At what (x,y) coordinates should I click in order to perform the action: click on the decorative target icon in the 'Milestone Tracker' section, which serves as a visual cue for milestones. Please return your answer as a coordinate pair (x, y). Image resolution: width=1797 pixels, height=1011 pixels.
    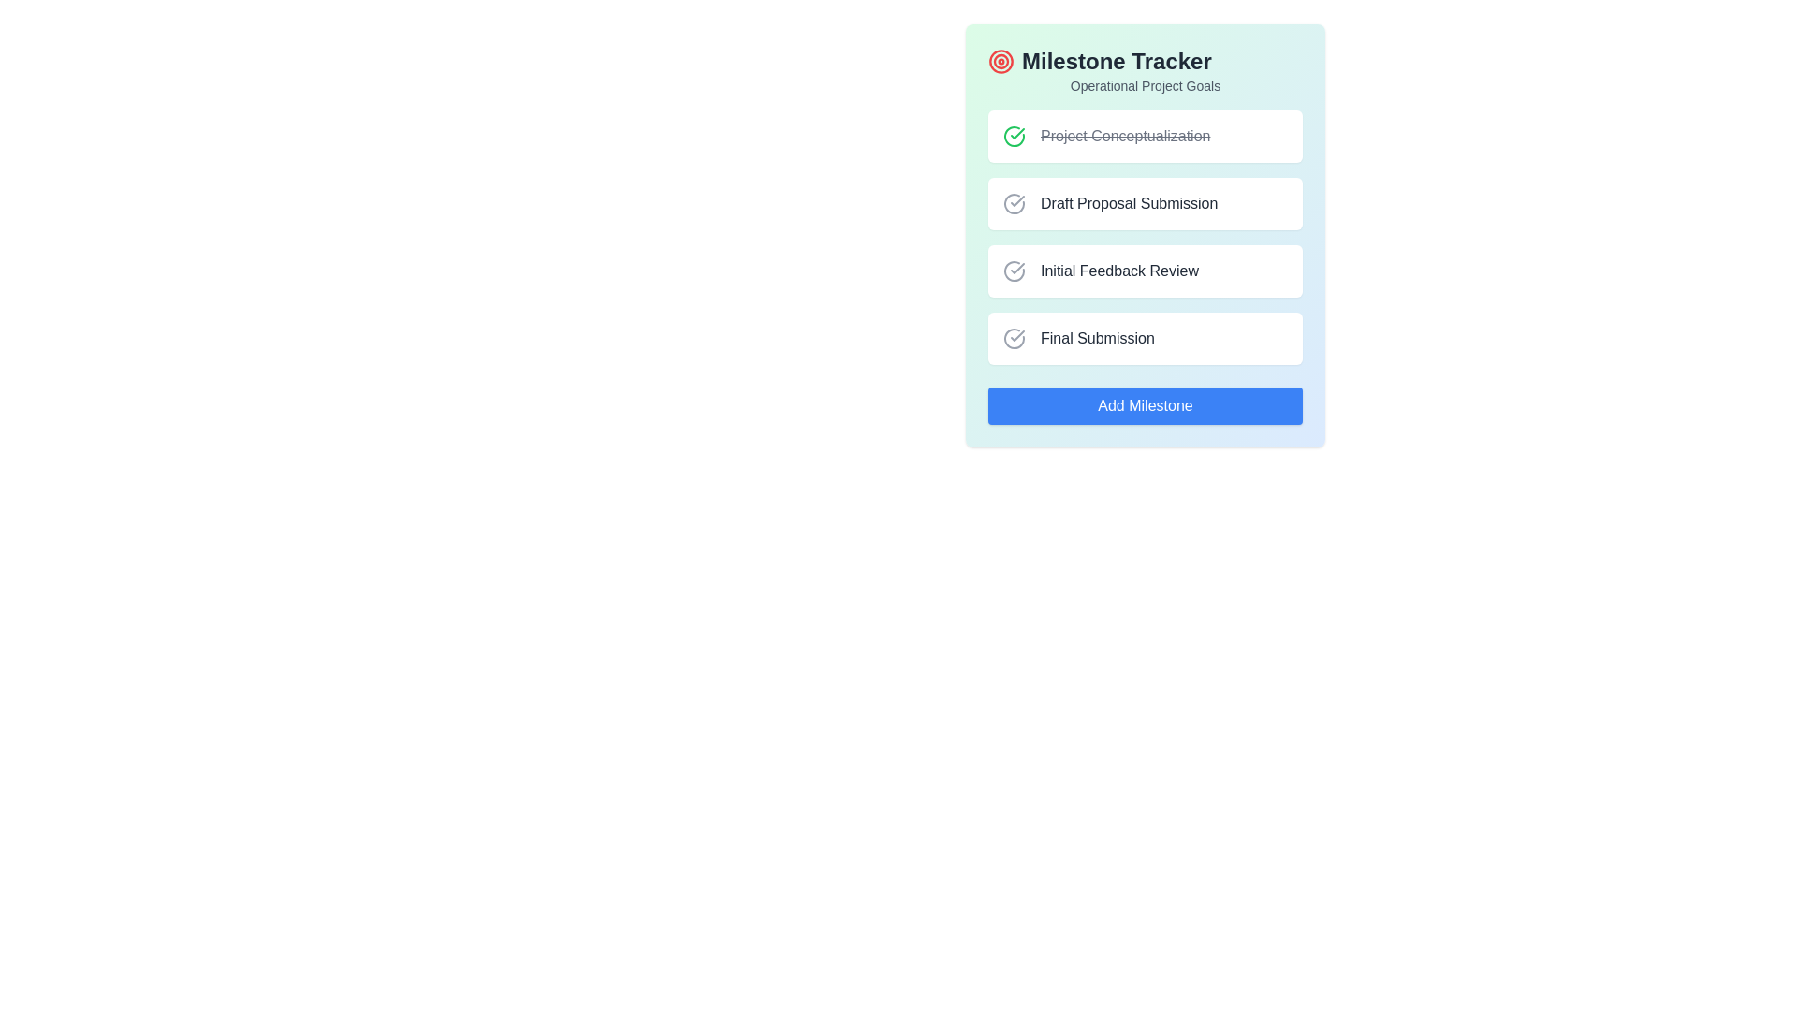
    Looking at the image, I should click on (1001, 60).